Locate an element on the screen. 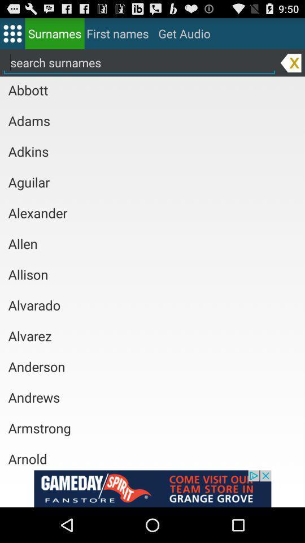  backspace is located at coordinates (291, 62).